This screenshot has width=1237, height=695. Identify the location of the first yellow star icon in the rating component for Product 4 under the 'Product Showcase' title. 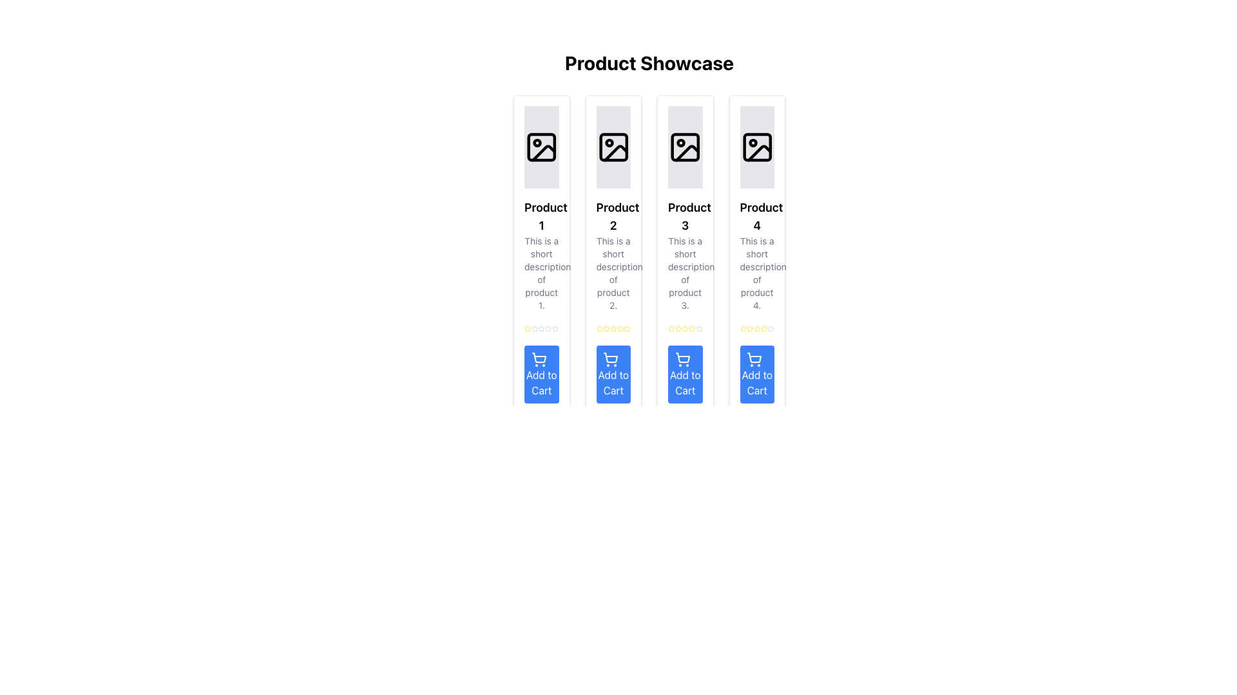
(757, 328).